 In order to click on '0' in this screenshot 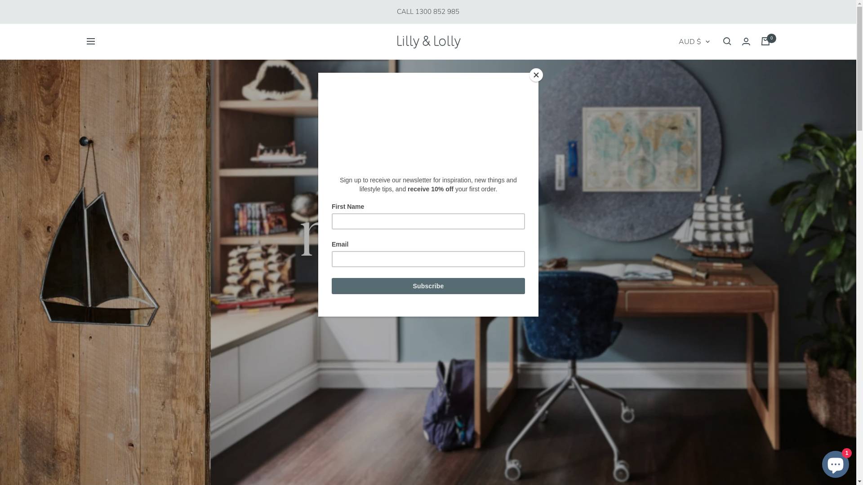, I will do `click(765, 41)`.